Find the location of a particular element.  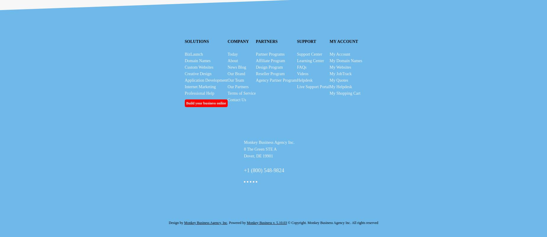

'Application Development' is located at coordinates (206, 80).